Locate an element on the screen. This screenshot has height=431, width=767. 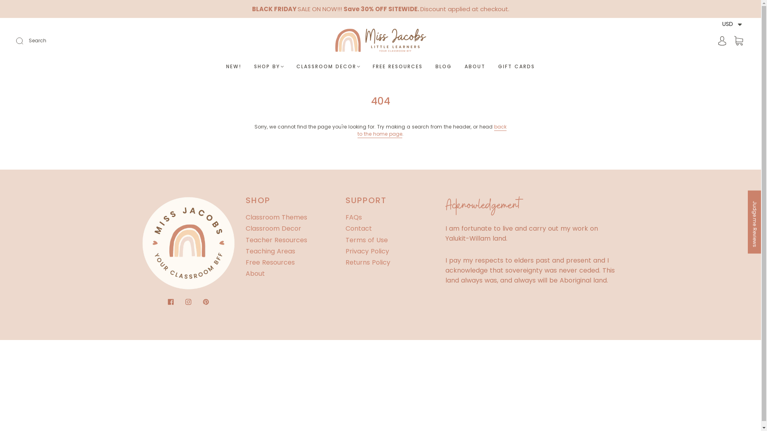
'BLOG' is located at coordinates (443, 66).